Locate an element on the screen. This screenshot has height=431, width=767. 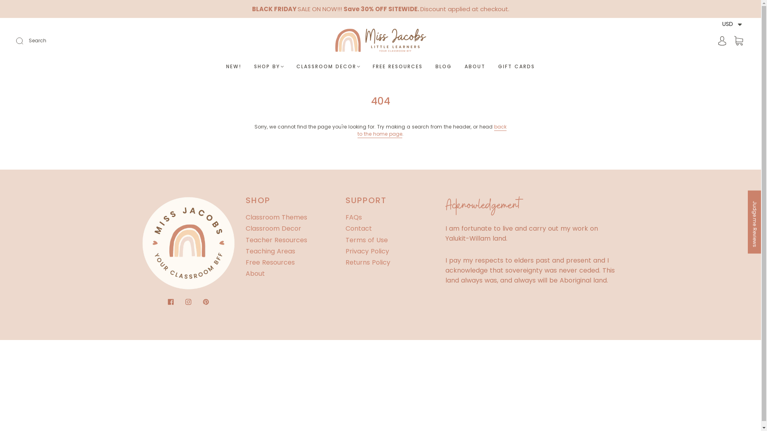
'BLOG' is located at coordinates (443, 66).